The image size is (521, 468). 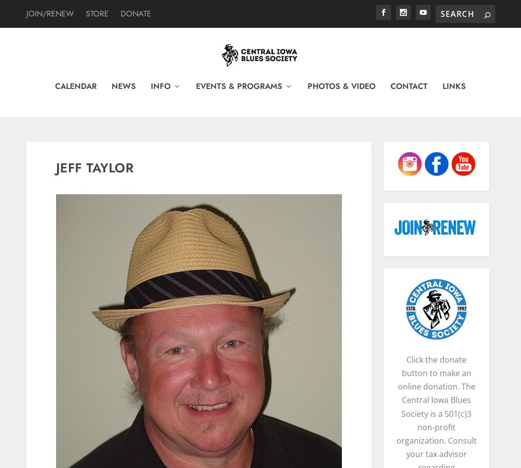 I want to click on 'Events & Programs', so click(x=239, y=90).